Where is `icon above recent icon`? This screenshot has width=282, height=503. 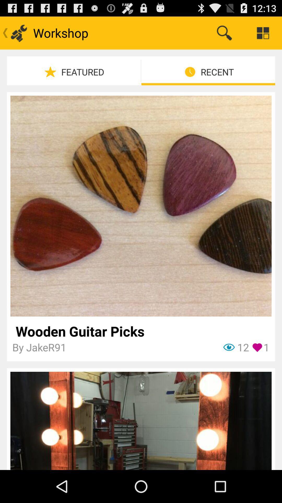 icon above recent icon is located at coordinates (263, 32).